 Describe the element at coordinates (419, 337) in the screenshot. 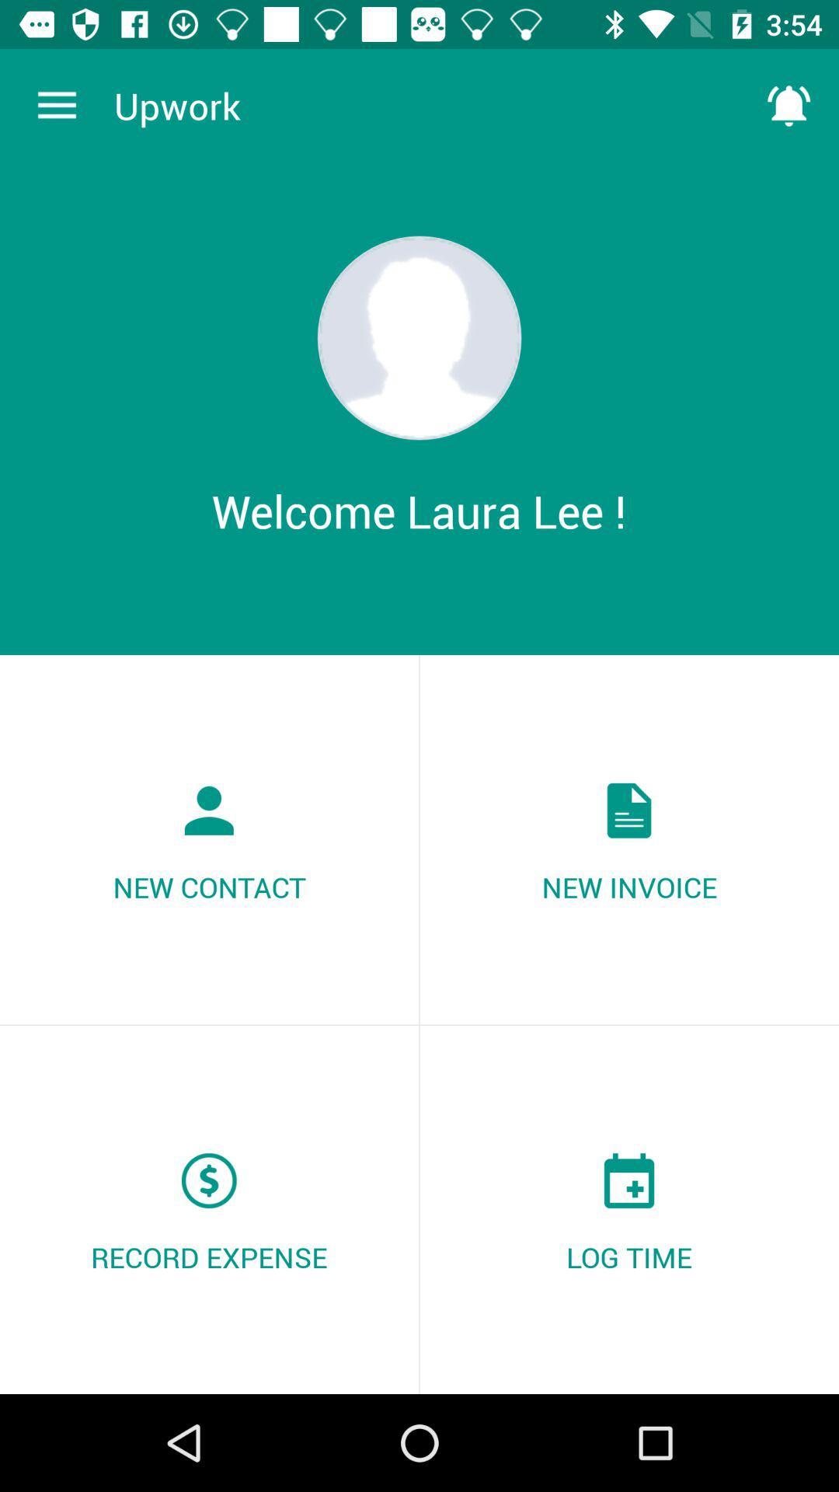

I see `icon above the welcome laura lee ! item` at that location.